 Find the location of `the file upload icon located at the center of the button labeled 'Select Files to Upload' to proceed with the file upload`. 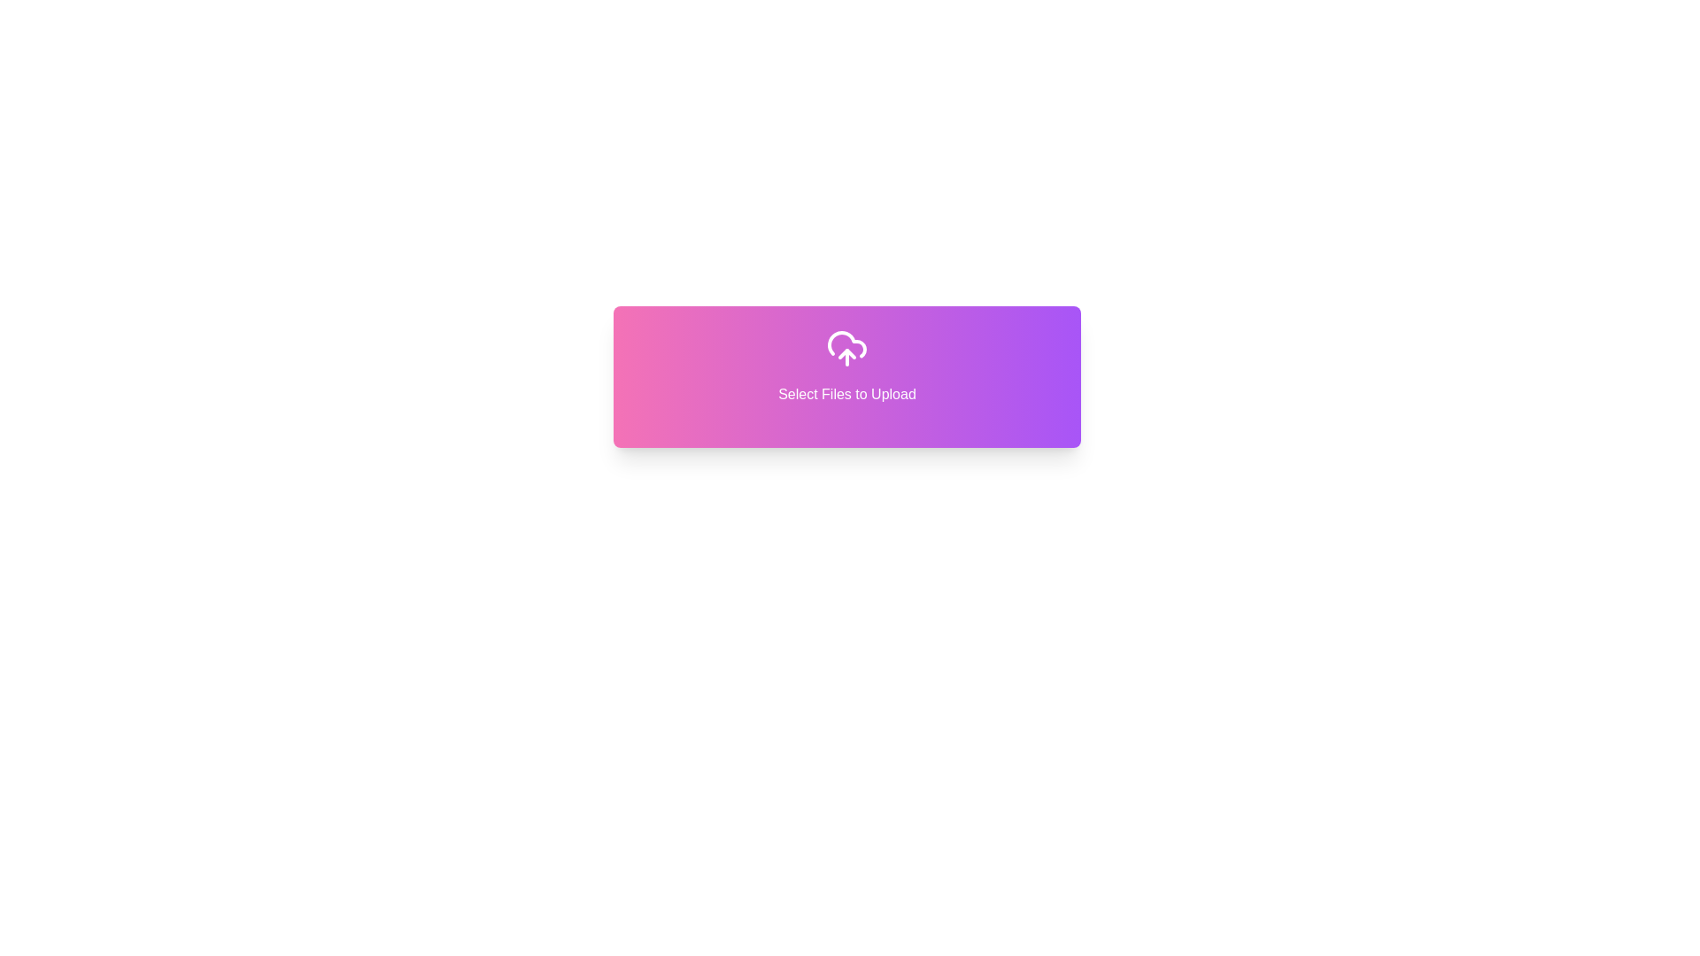

the file upload icon located at the center of the button labeled 'Select Files to Upload' to proceed with the file upload is located at coordinates (846, 348).